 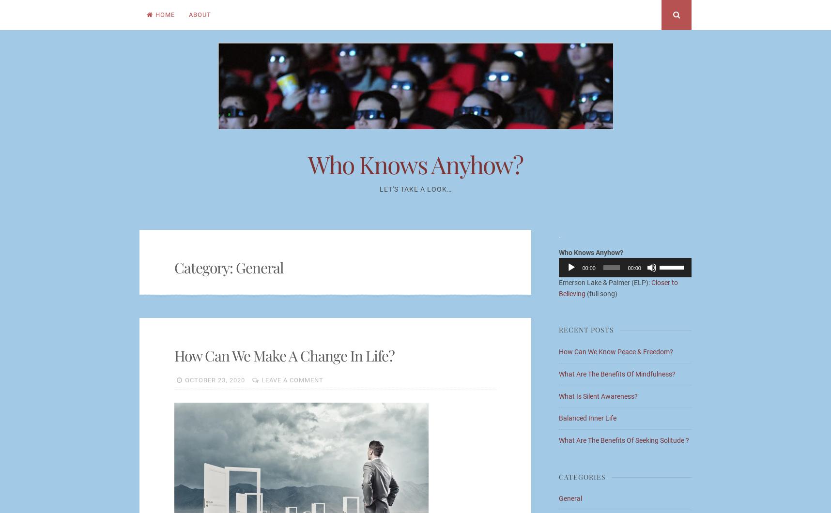 I want to click on '.', so click(x=559, y=234).